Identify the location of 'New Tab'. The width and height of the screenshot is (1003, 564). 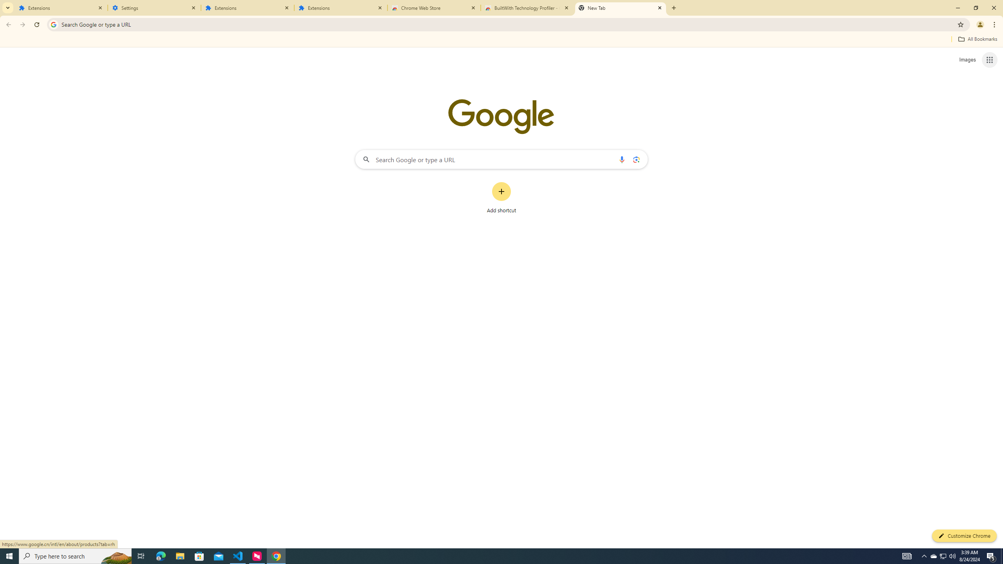
(620, 7).